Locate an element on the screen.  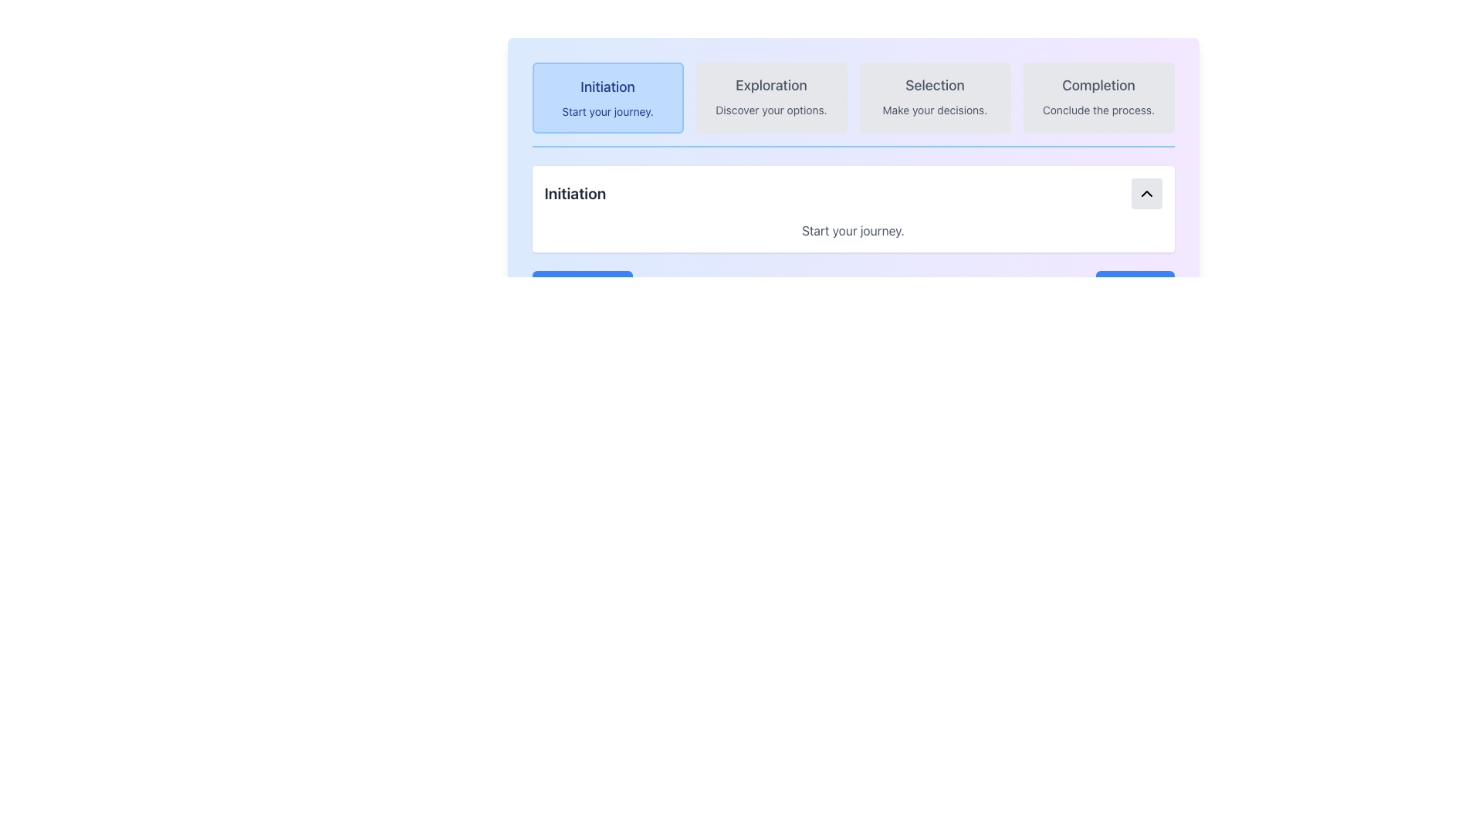
the clickable card representing 'Selection' located in the top section of the interface, between 'Exploration' and 'Completion' is located at coordinates (934, 98).